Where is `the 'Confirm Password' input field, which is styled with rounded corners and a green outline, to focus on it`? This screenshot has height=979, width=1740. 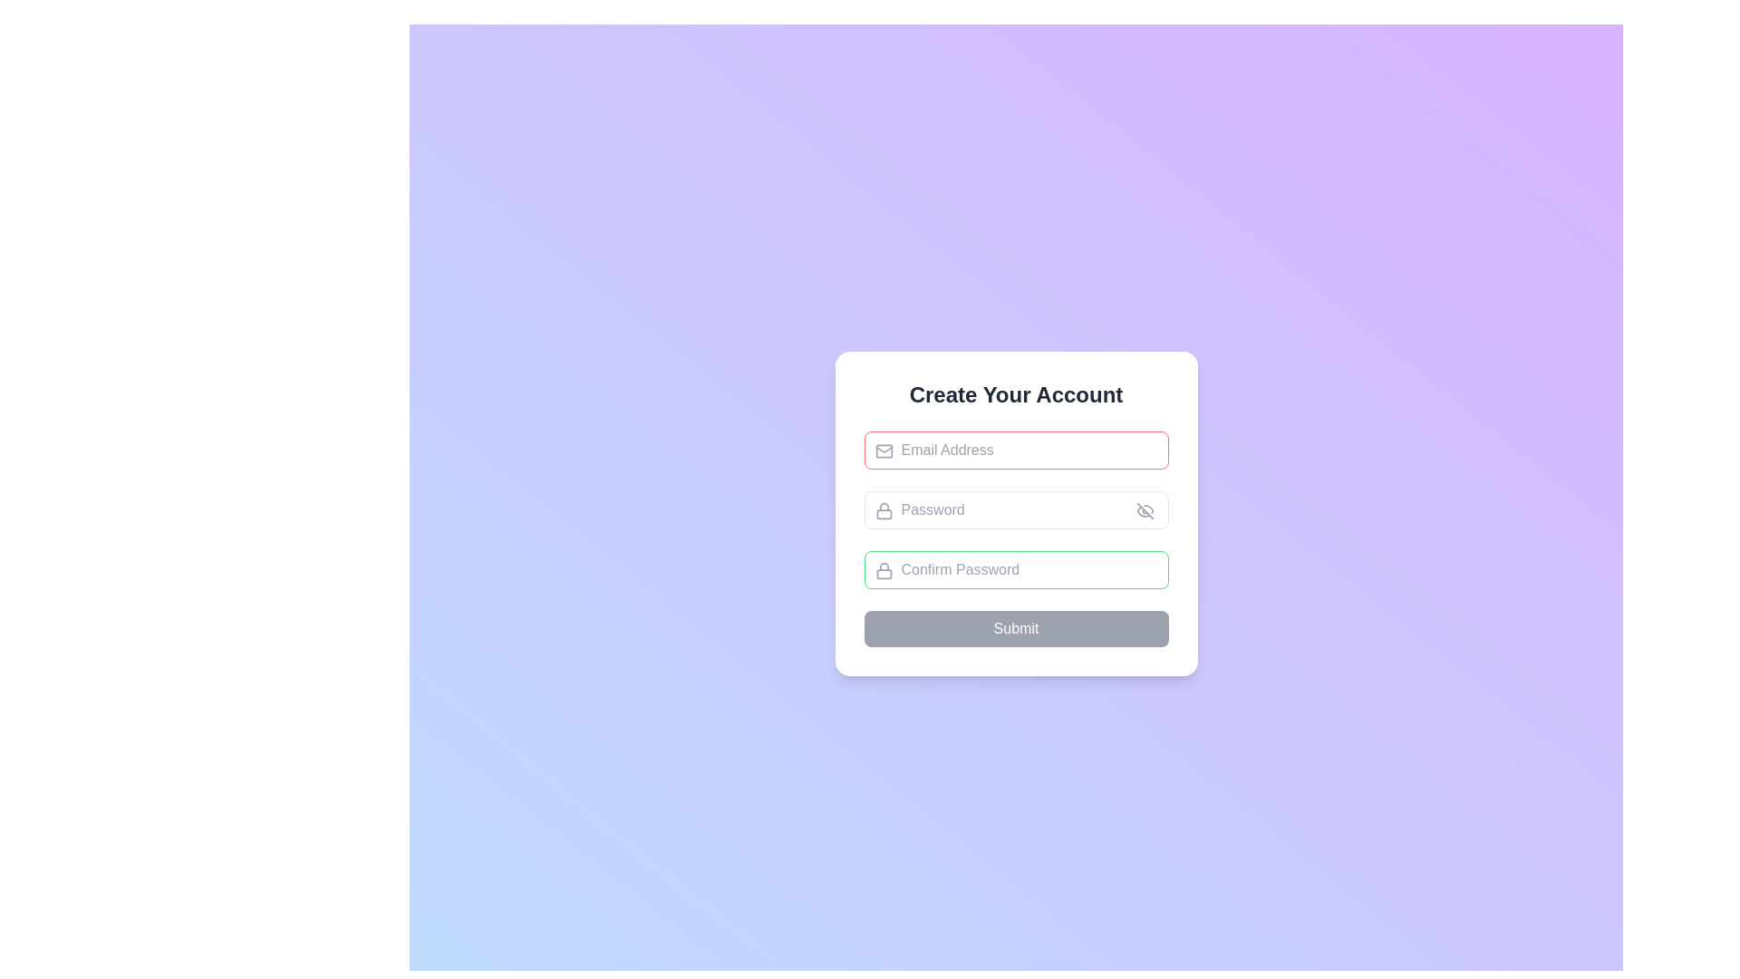
the 'Confirm Password' input field, which is styled with rounded corners and a green outline, to focus on it is located at coordinates (1016, 568).